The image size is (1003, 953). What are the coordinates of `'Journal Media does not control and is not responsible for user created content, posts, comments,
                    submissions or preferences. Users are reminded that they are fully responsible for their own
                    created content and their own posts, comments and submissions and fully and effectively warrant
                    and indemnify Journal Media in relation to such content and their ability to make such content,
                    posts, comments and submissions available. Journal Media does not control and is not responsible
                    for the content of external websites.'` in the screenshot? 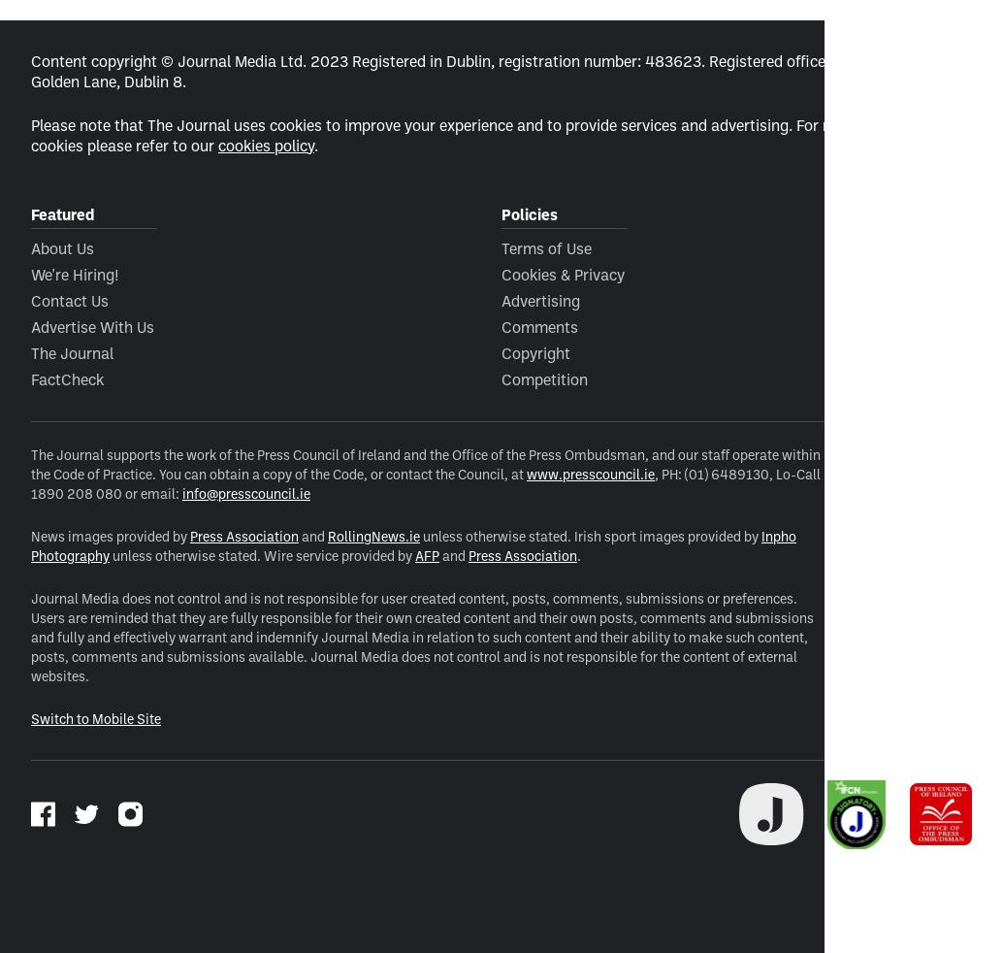 It's located at (30, 635).